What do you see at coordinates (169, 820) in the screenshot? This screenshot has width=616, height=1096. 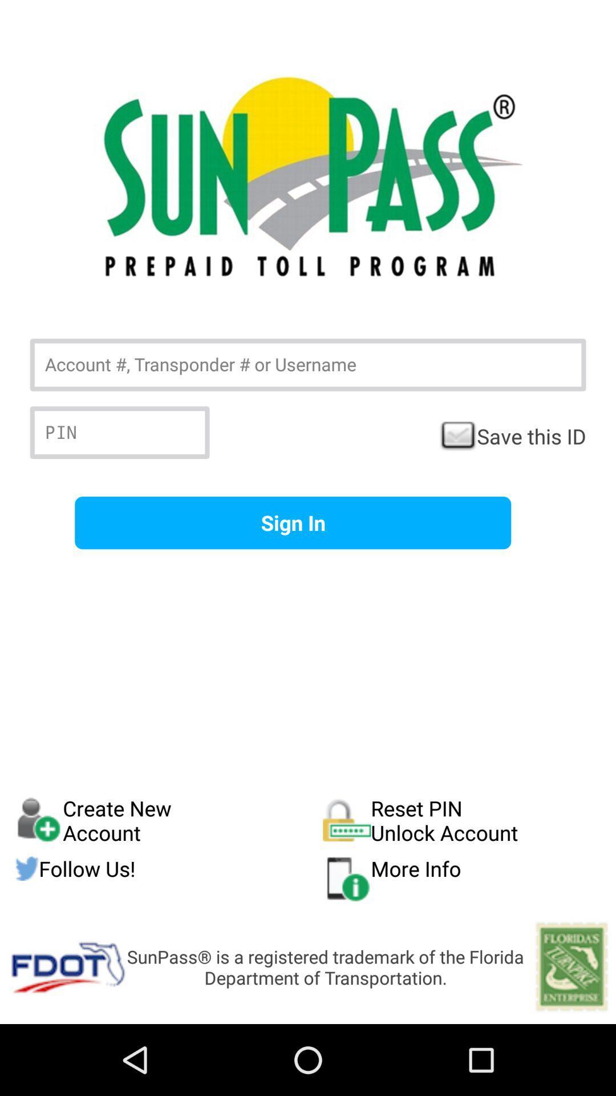 I see `icon to the left of reset pin unlock` at bounding box center [169, 820].